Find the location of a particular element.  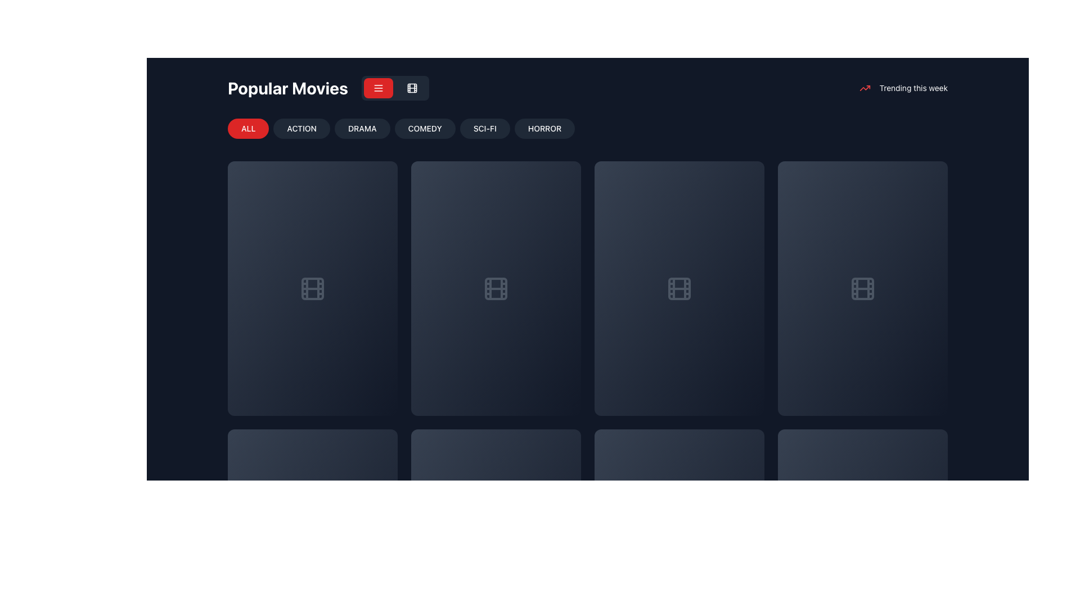

the media icon located in the third cell of the first row within the grid of popular movies to interact with it is located at coordinates (496, 288).